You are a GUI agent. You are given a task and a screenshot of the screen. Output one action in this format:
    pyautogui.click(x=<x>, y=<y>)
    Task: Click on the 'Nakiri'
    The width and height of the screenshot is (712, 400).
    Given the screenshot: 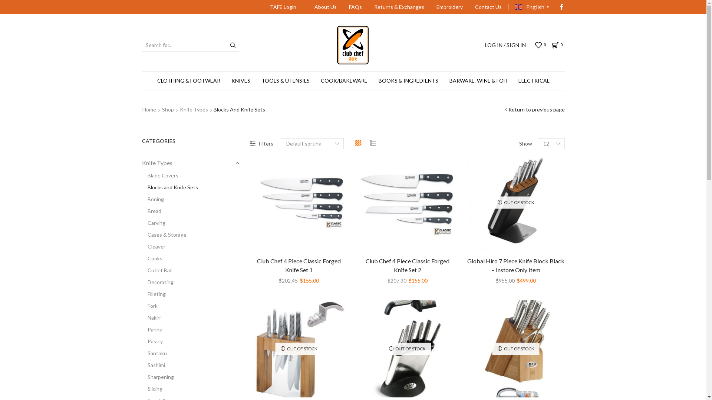 What is the action you would take?
    pyautogui.click(x=151, y=317)
    